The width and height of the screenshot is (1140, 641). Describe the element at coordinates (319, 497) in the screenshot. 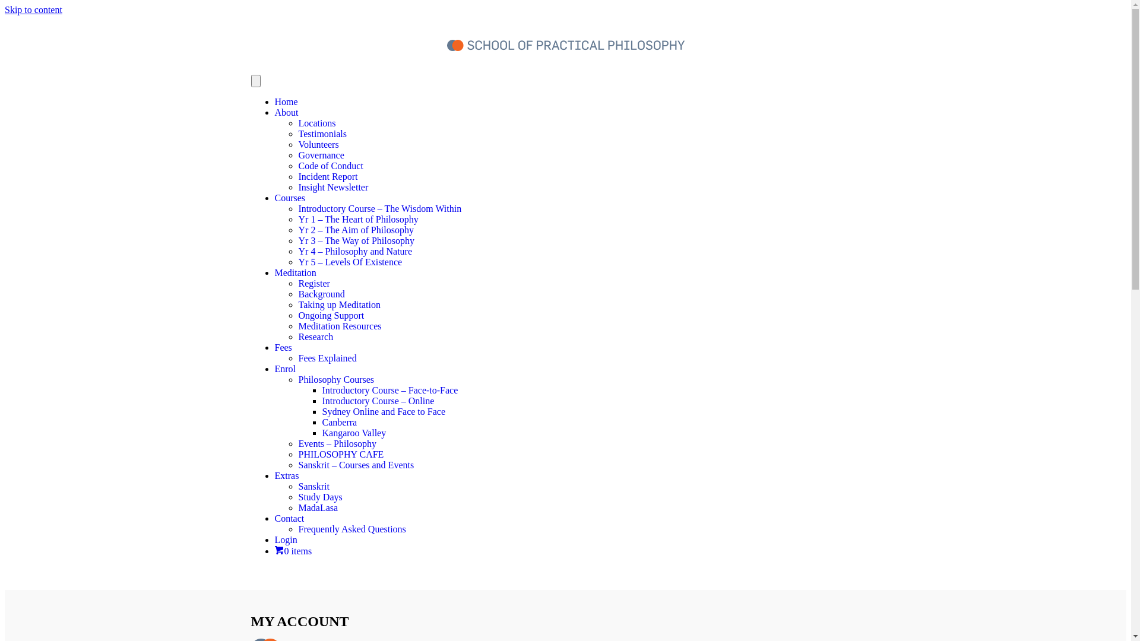

I see `'Study Days'` at that location.